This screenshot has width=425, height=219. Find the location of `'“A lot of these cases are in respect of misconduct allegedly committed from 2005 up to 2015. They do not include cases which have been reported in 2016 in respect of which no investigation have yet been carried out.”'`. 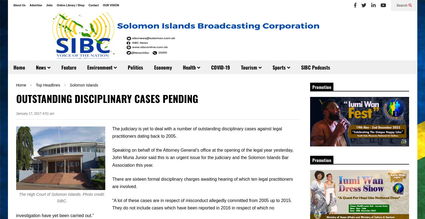

'“A lot of these cases are in respect of misconduct allegedly committed from 2005 up to 2015. They do not include cases which have been reported in 2016 in respect of which no investigation have yet been carried out.”' is located at coordinates (154, 208).